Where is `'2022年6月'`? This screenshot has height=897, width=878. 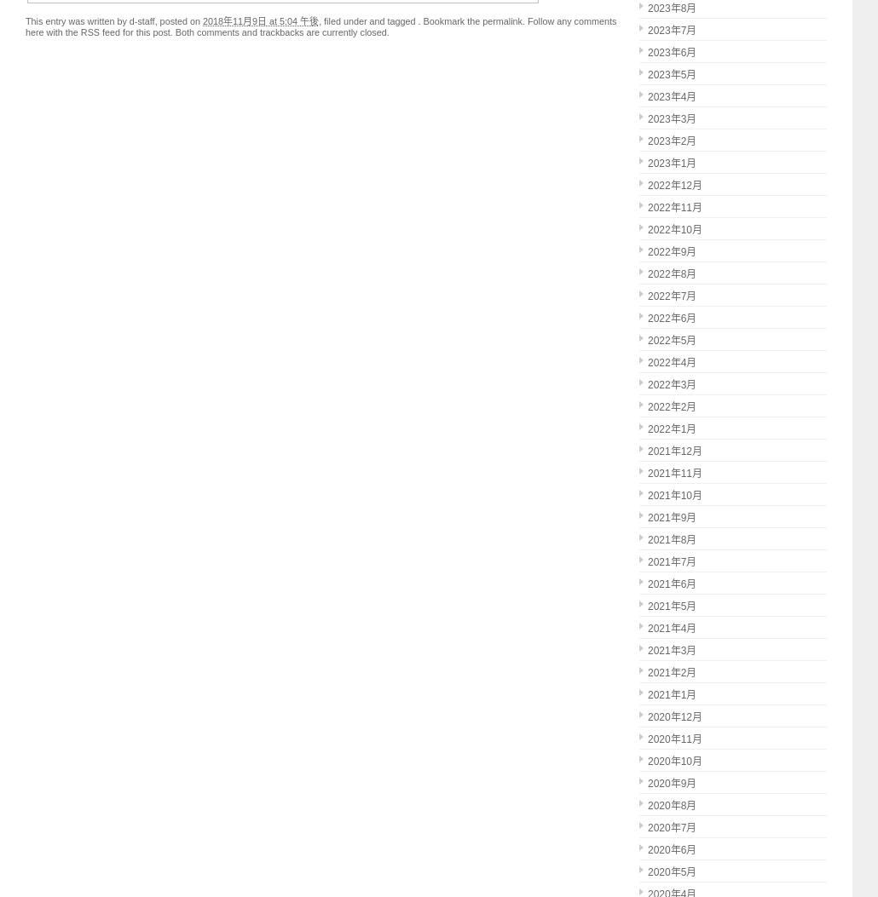 '2022年6月' is located at coordinates (671, 318).